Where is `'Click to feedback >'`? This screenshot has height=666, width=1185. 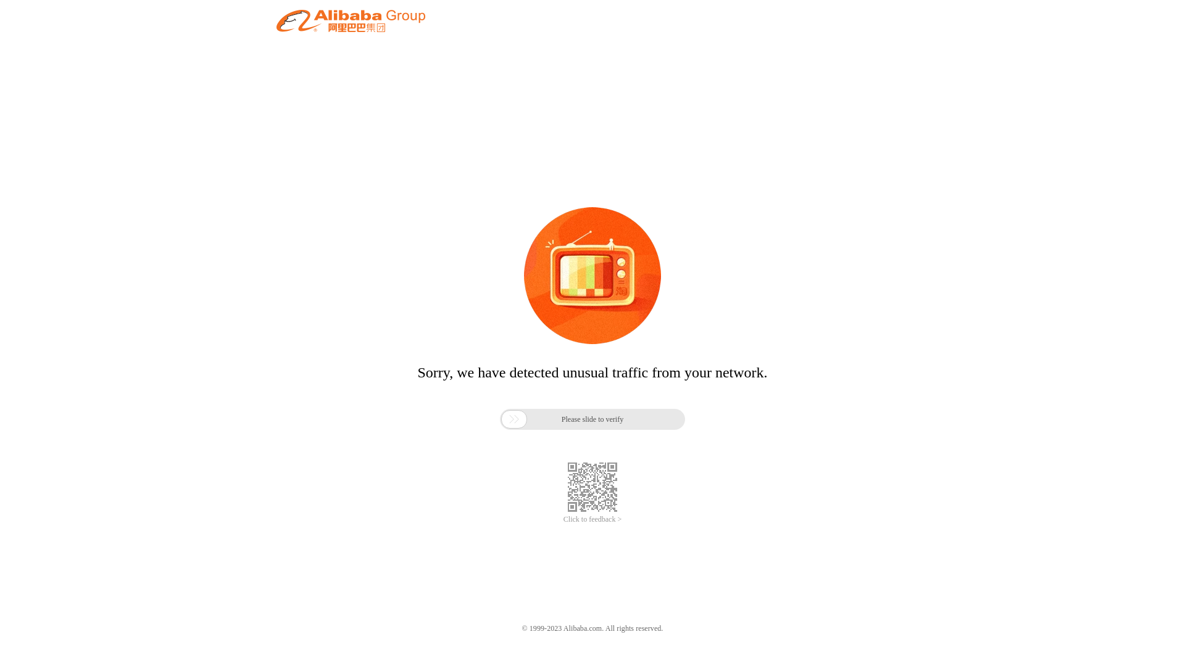 'Click to feedback >' is located at coordinates (592, 519).